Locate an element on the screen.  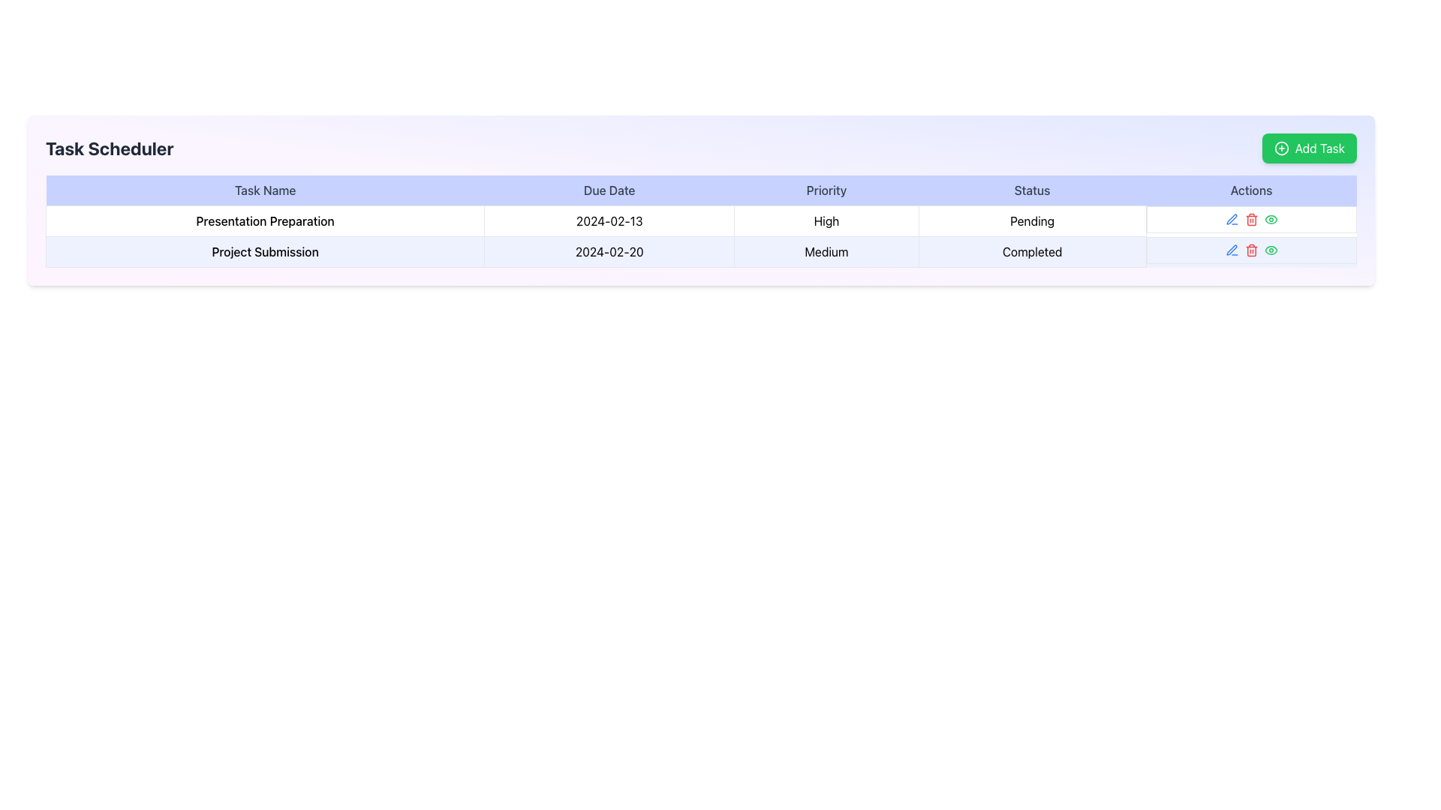
the static text label displaying the date '2024-02-13' in the 'Due Date' column of the table is located at coordinates (609, 220).